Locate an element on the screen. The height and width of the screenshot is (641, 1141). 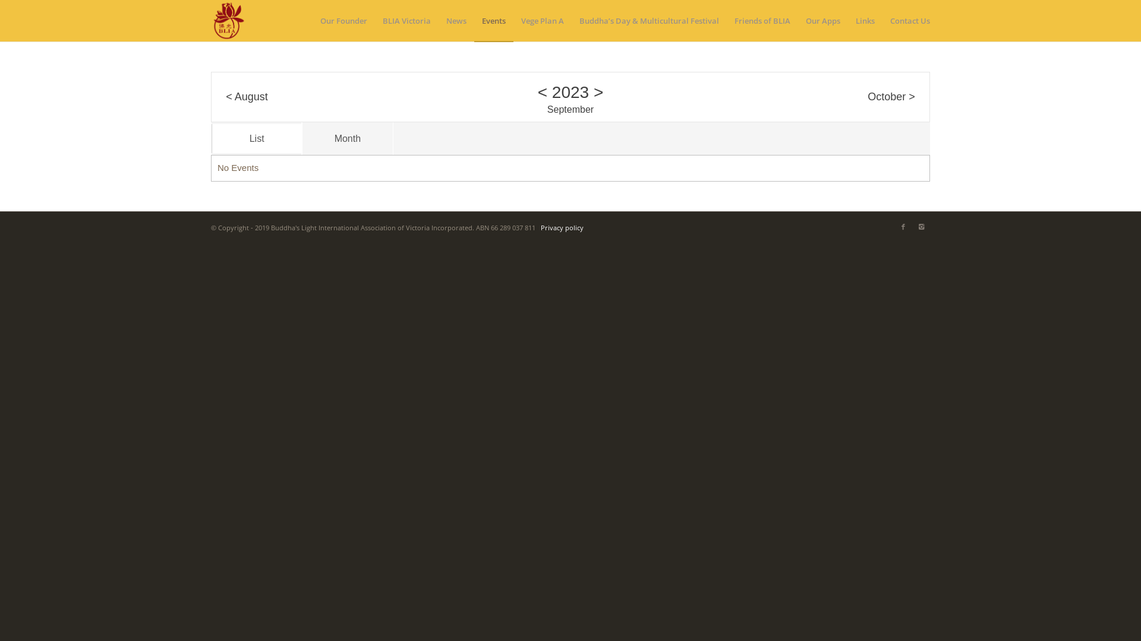
'Links' is located at coordinates (847, 20).